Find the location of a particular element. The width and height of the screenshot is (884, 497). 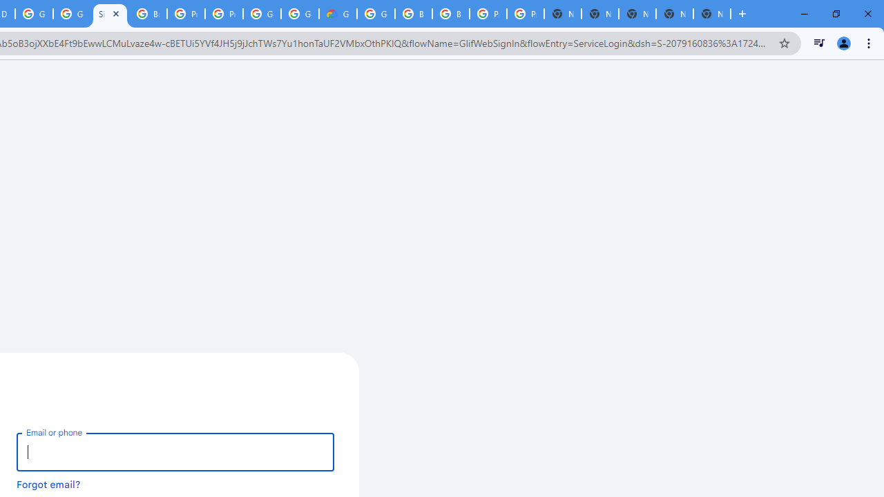

'New Tab' is located at coordinates (712, 14).